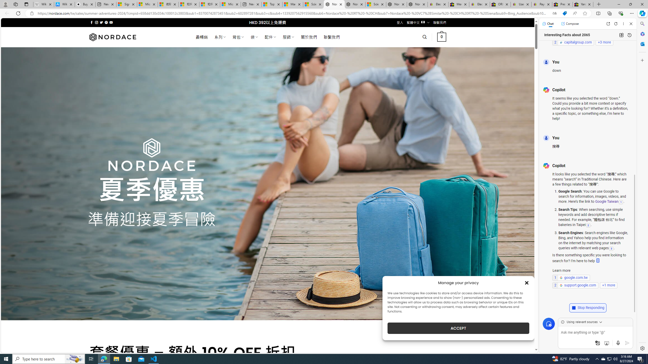  What do you see at coordinates (147, 4) in the screenshot?
I see `'Microsoft Services Agreement'` at bounding box center [147, 4].